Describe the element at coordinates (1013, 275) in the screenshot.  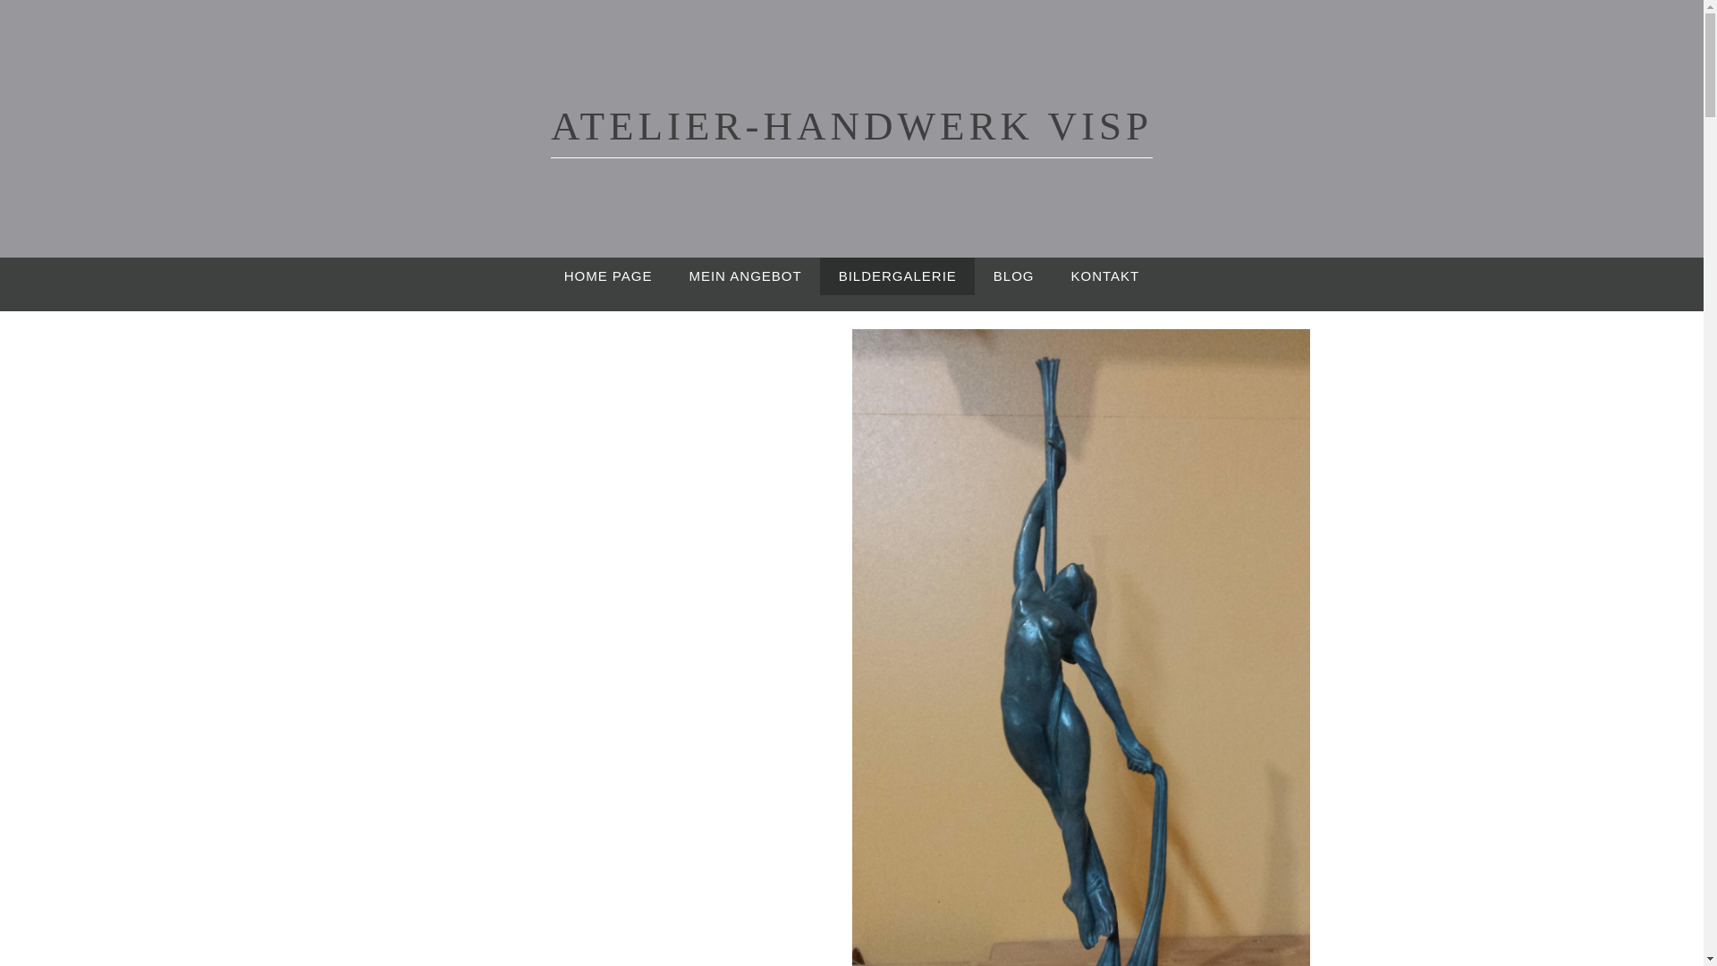
I see `'BLOG'` at that location.